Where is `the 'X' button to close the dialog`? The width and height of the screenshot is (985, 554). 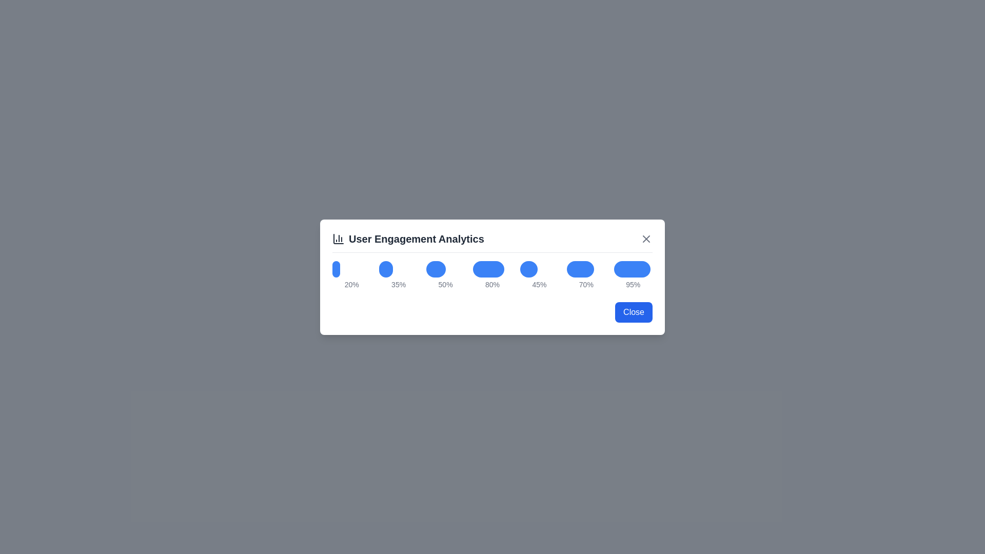
the 'X' button to close the dialog is located at coordinates (645, 239).